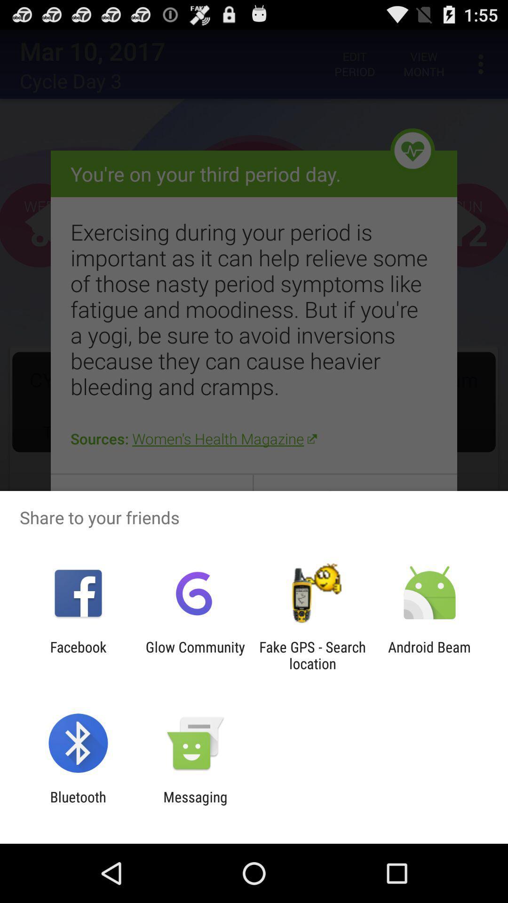  What do you see at coordinates (78, 805) in the screenshot?
I see `icon next to messaging item` at bounding box center [78, 805].